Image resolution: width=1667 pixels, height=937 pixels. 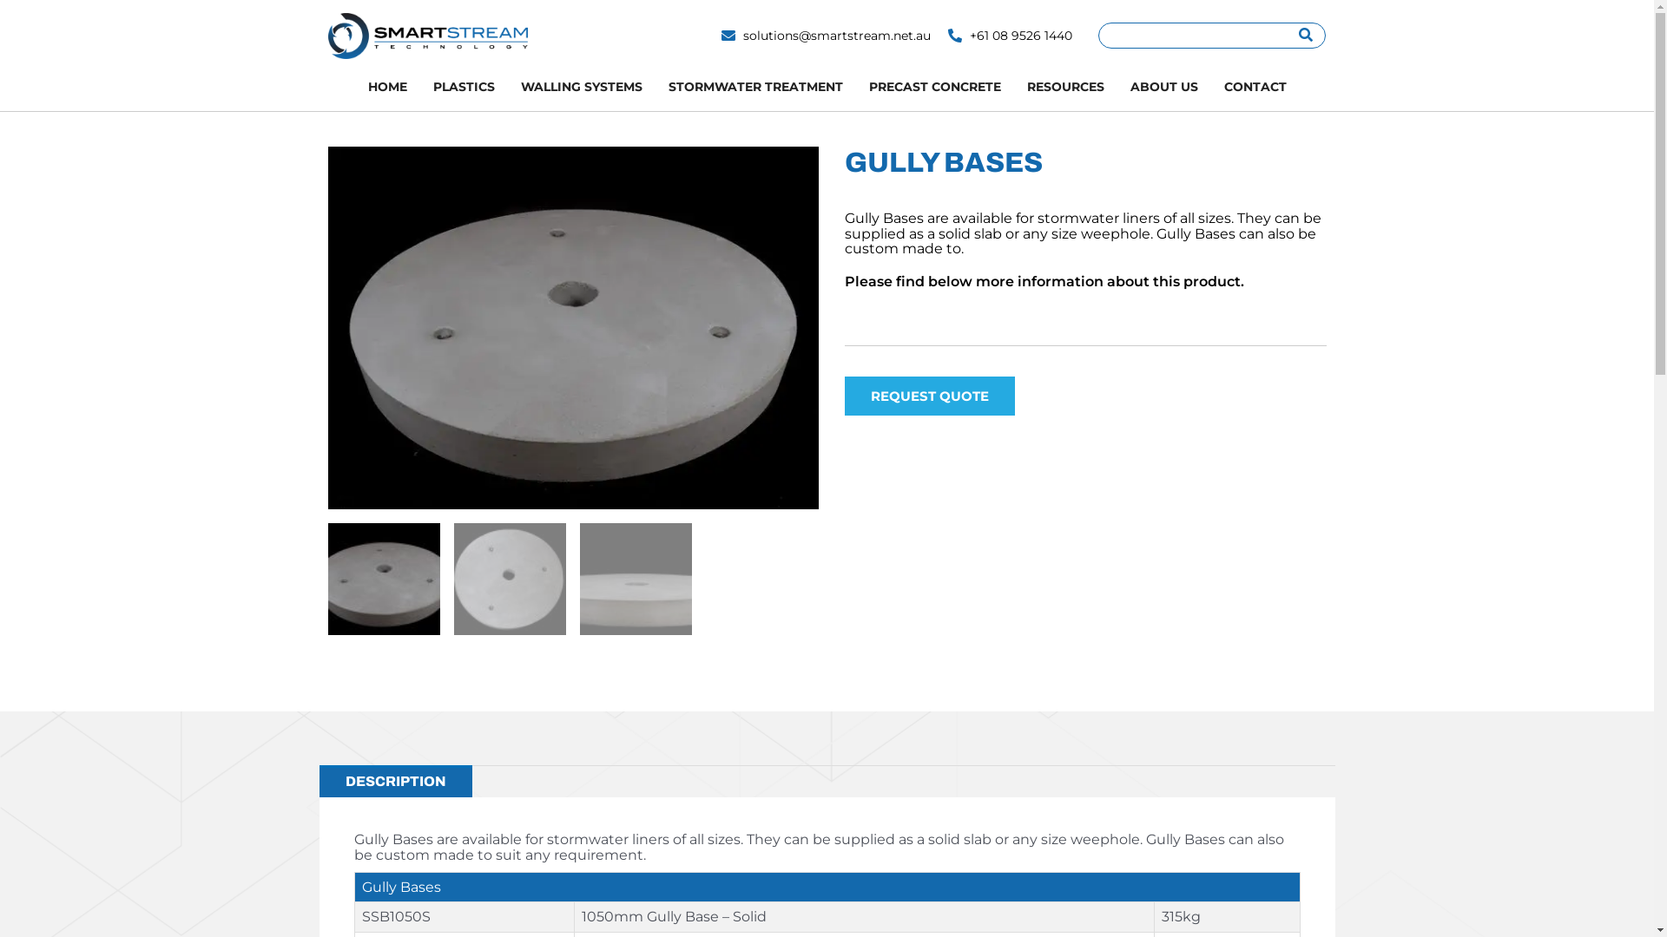 What do you see at coordinates (1163, 87) in the screenshot?
I see `'ABOUT US'` at bounding box center [1163, 87].